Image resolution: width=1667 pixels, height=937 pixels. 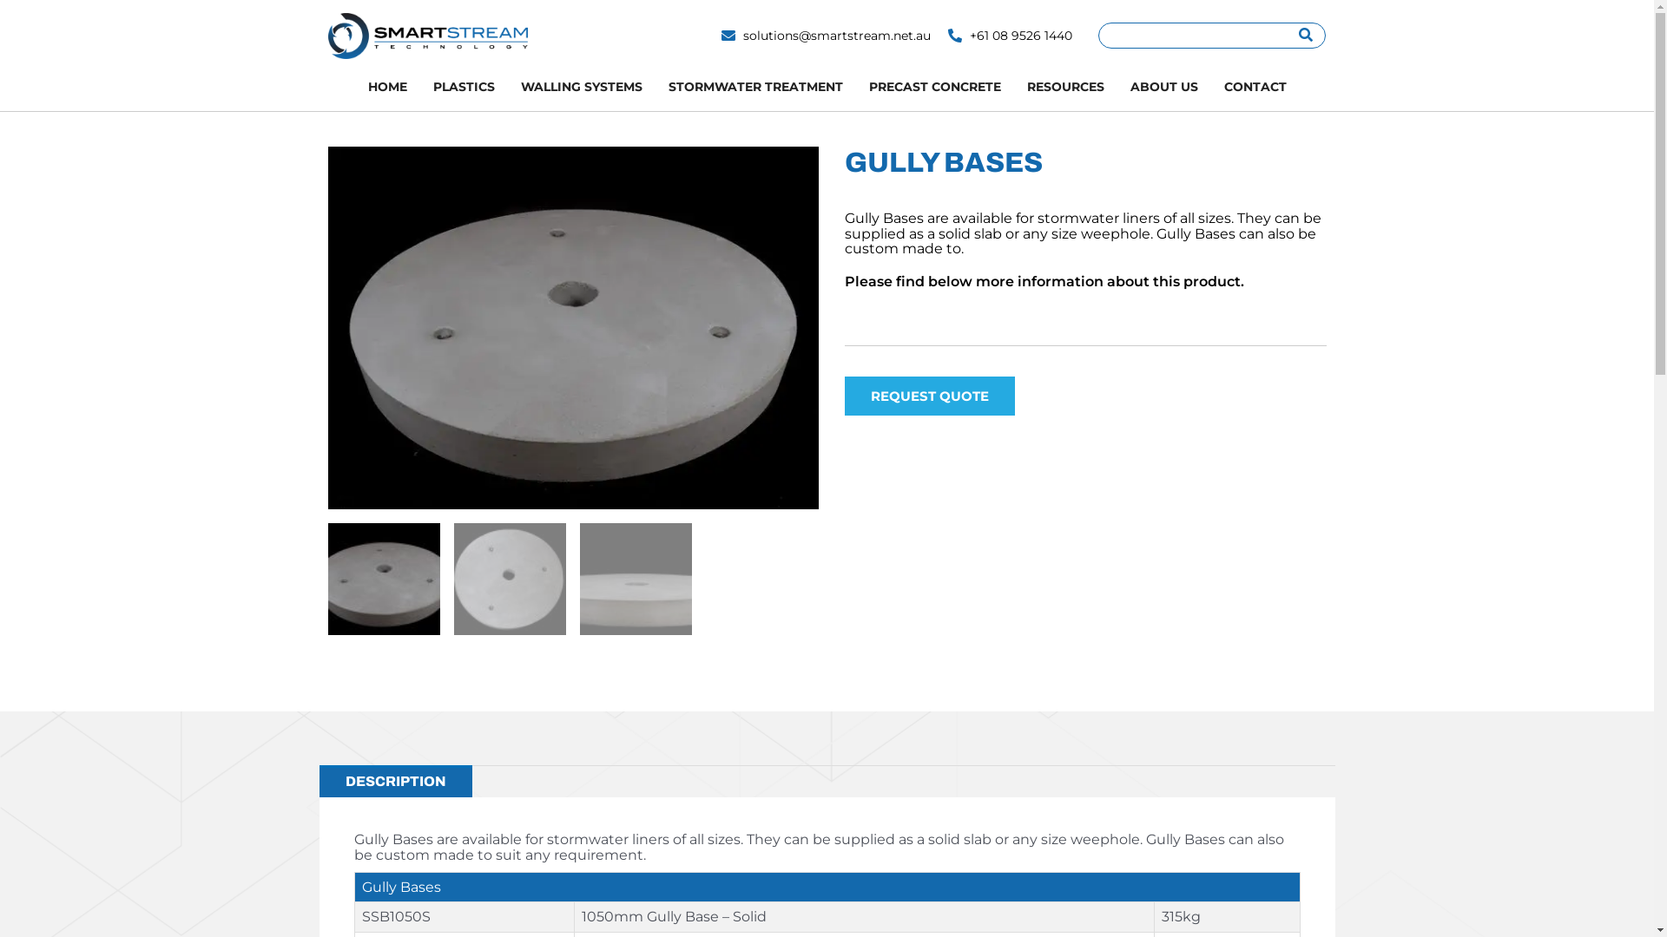 What do you see at coordinates (1163, 87) in the screenshot?
I see `'ABOUT US'` at bounding box center [1163, 87].